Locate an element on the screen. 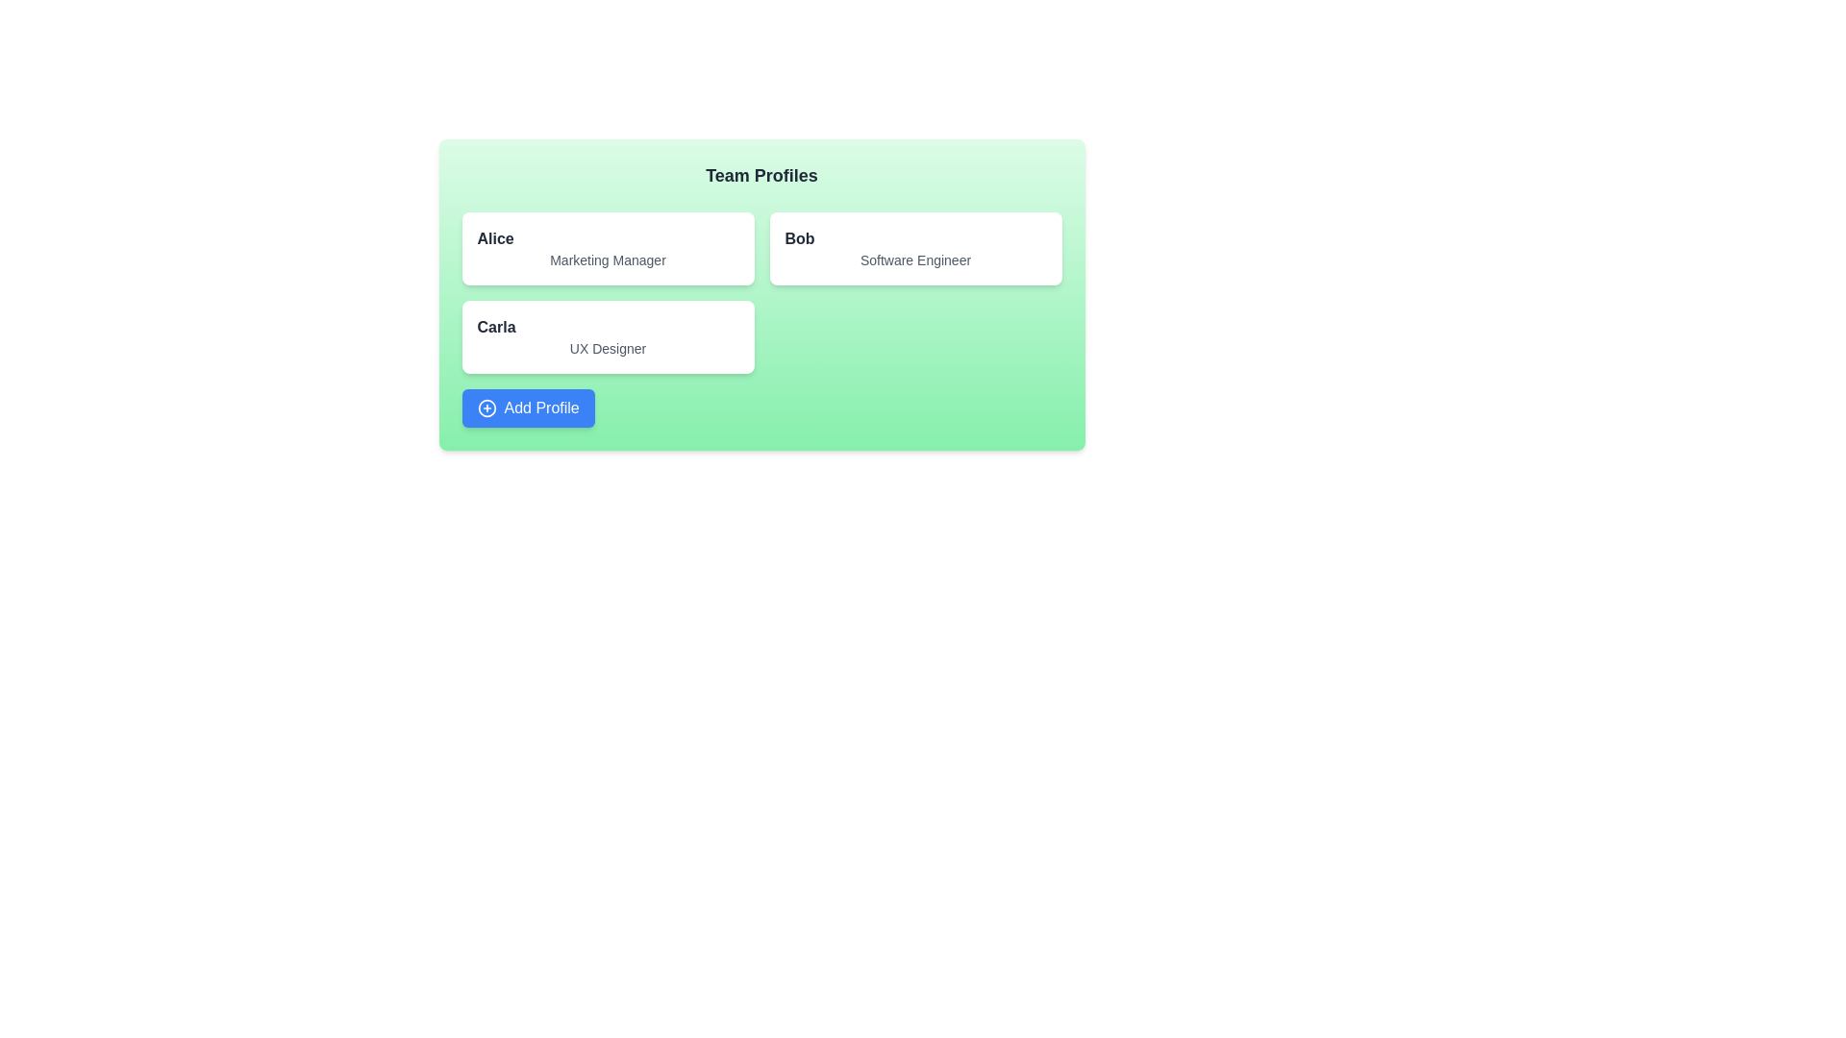  the profile card of Bob to toggle its active state is located at coordinates (914, 247).